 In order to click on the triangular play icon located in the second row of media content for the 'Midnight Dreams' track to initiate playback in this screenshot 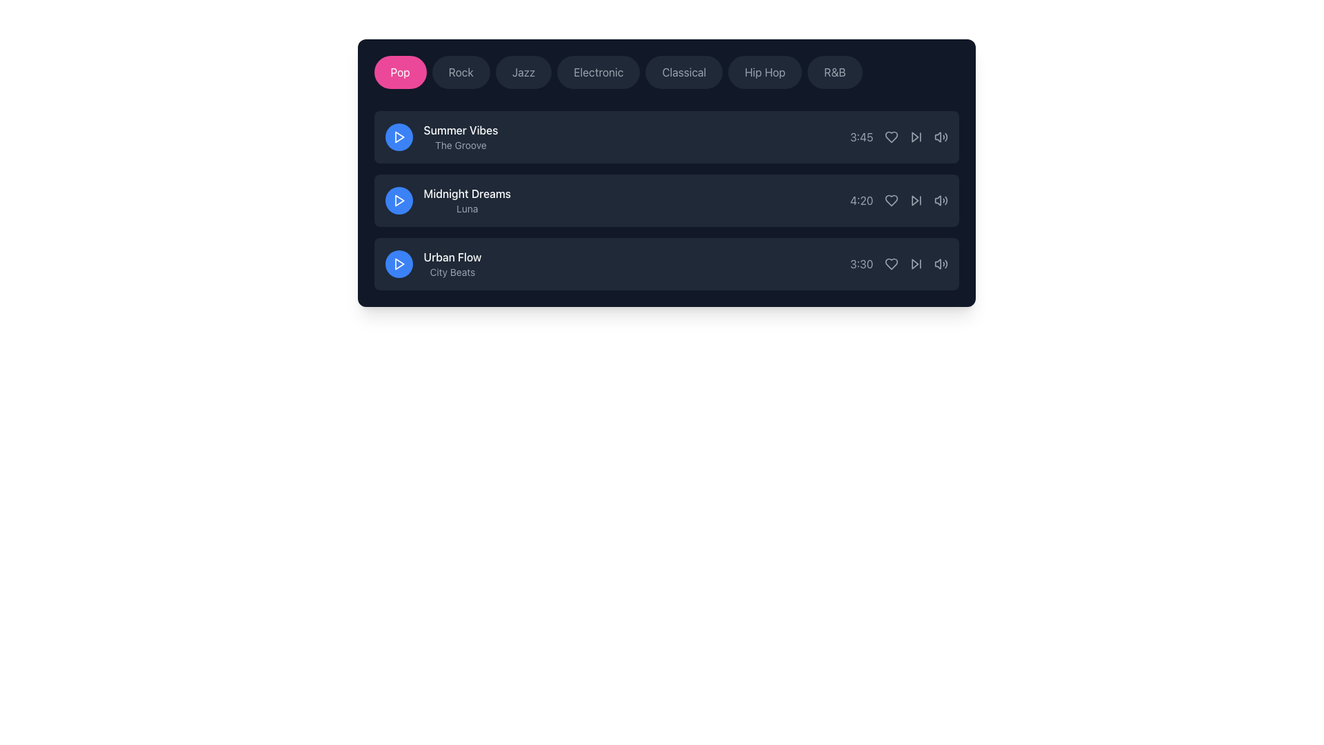, I will do `click(399, 200)`.